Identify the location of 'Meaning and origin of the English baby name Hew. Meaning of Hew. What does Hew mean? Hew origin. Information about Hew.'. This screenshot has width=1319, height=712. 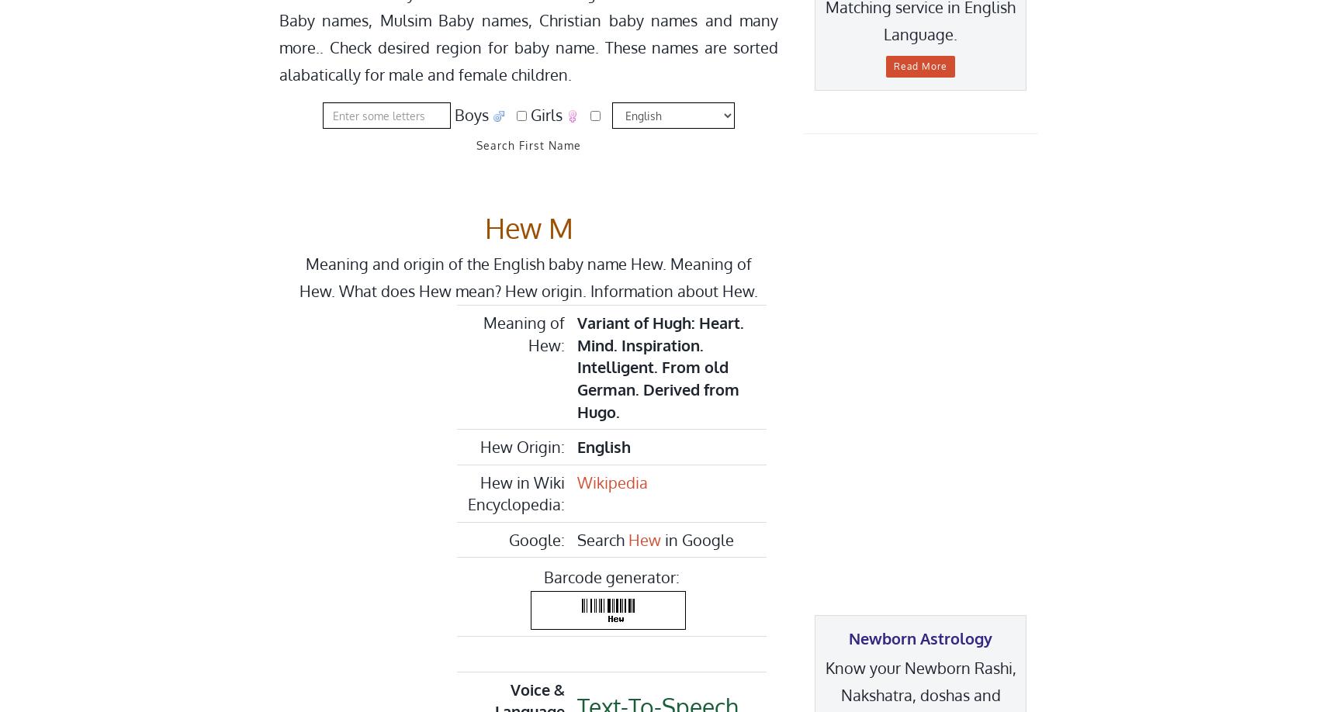
(528, 277).